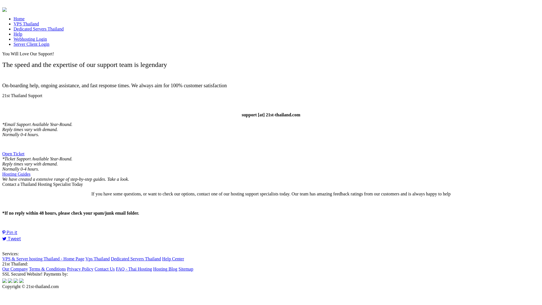  Describe the element at coordinates (185, 269) in the screenshot. I see `'Sitemap'` at that location.